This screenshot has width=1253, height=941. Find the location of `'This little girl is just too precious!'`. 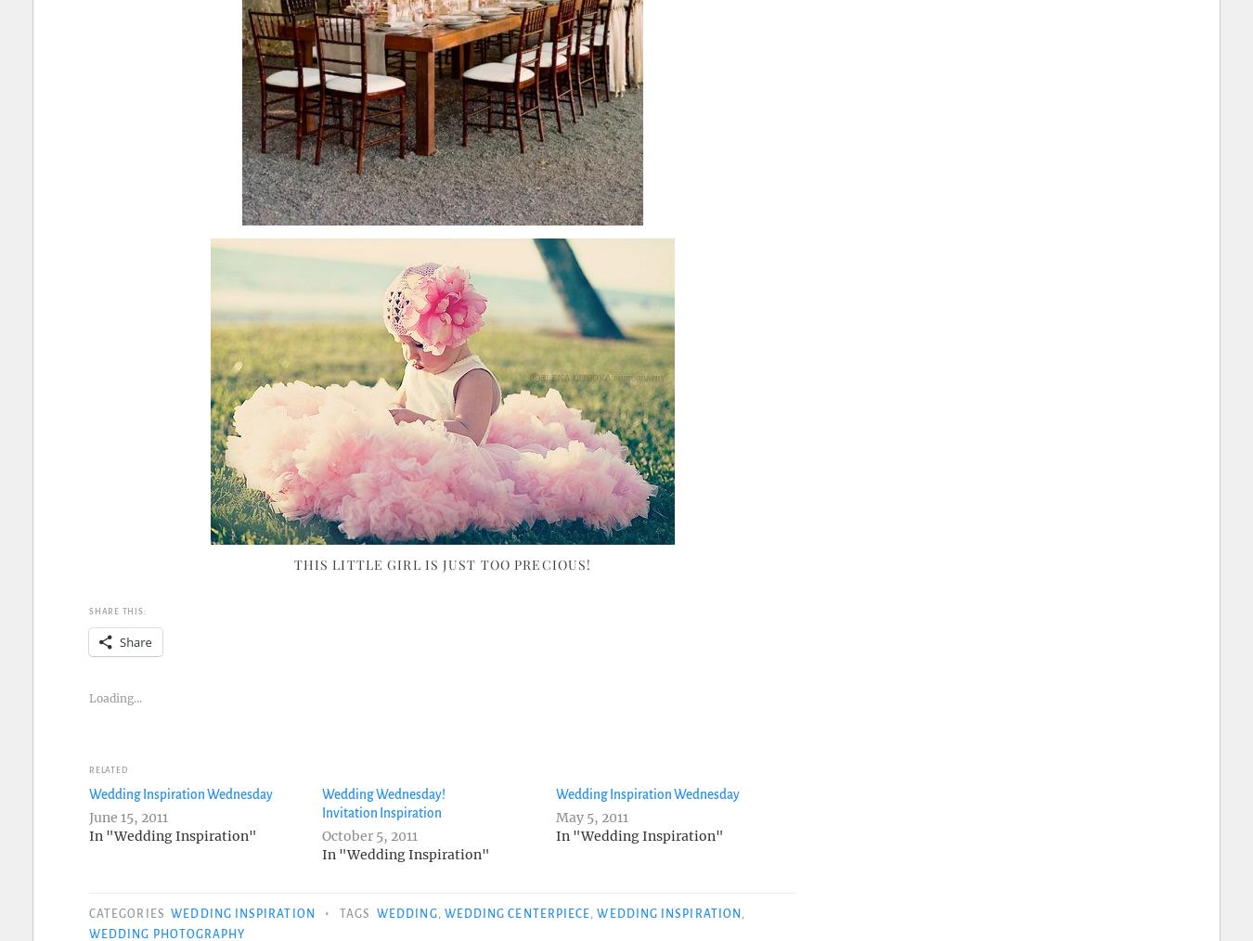

'This little girl is just too precious!' is located at coordinates (441, 564).